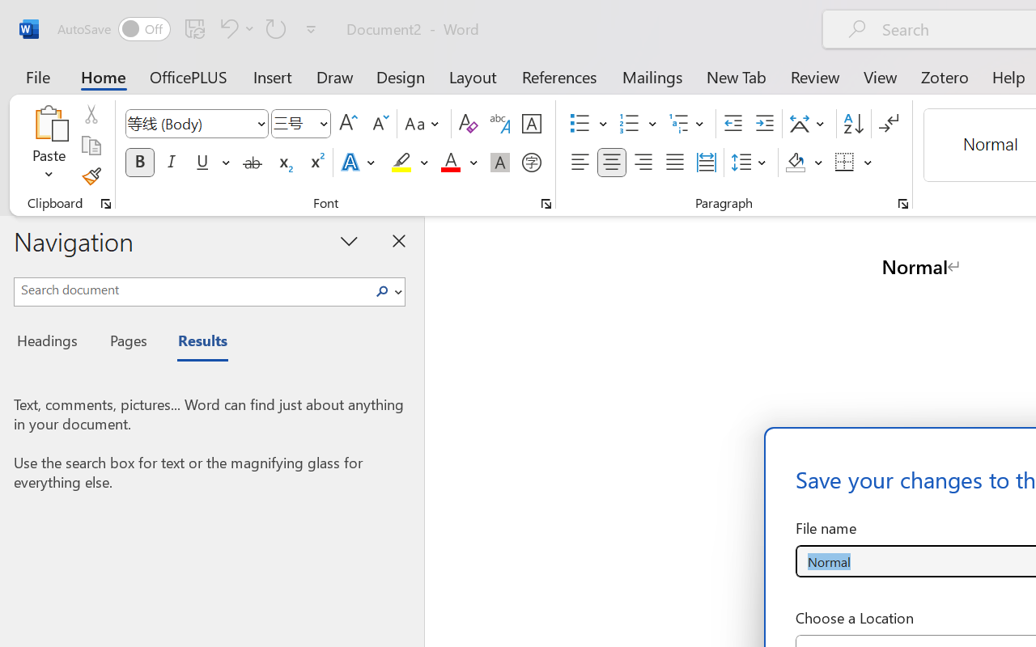 Image resolution: width=1036 pixels, height=647 pixels. I want to click on 'Draw', so click(334, 76).